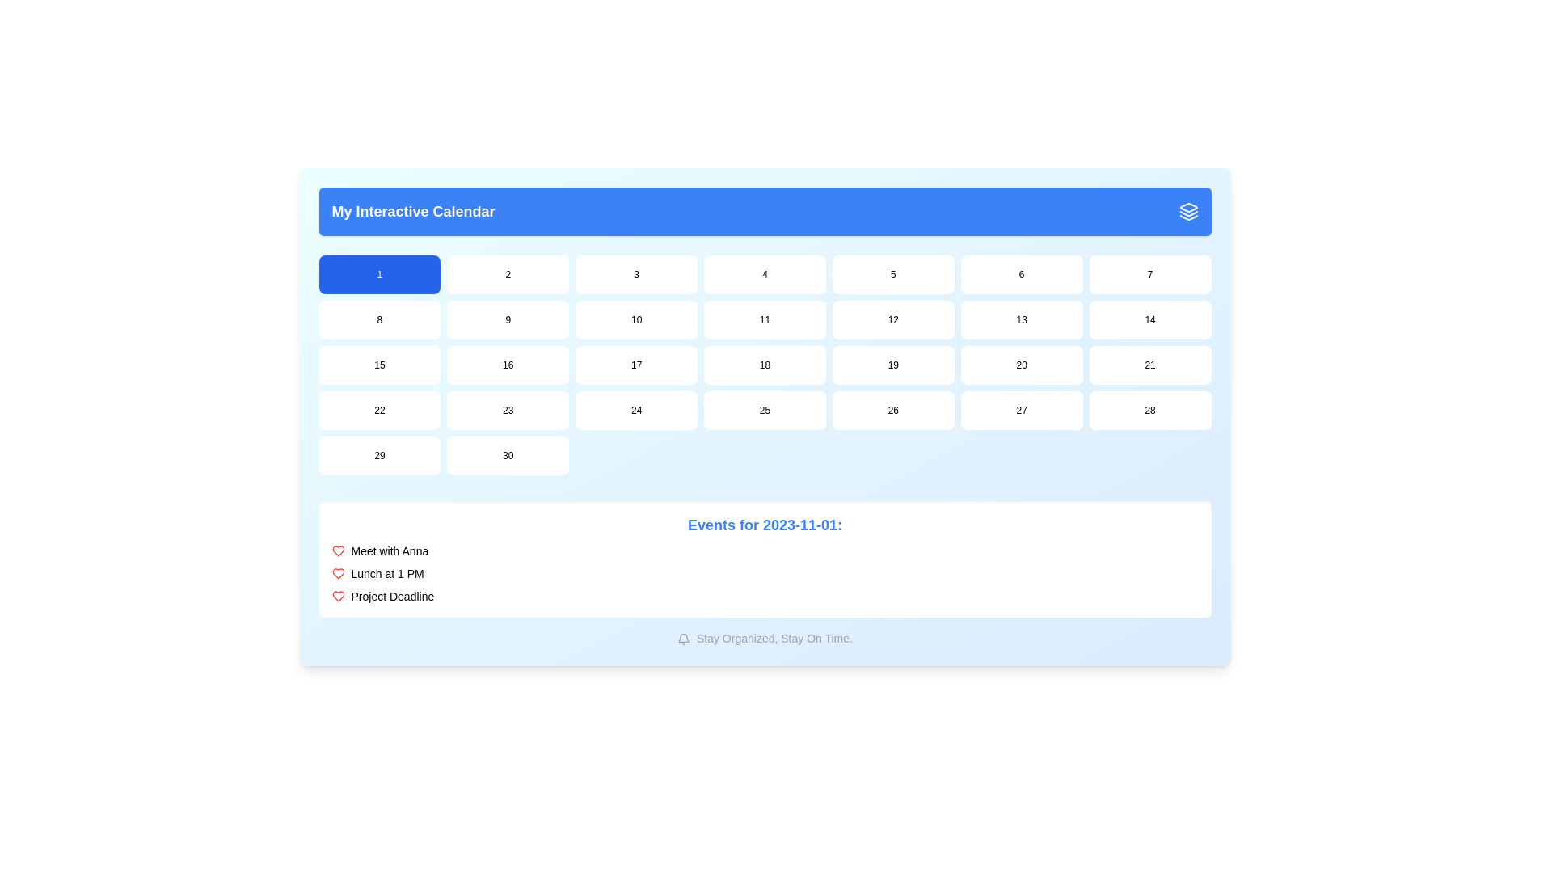 This screenshot has height=873, width=1552. What do you see at coordinates (1149, 365) in the screenshot?
I see `the button displaying the number '21' in the grid, located in the fourth row and seventh column` at bounding box center [1149, 365].